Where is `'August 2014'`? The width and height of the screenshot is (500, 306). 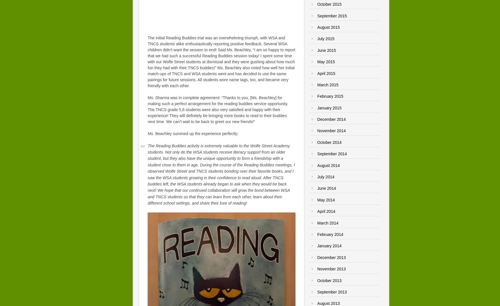
'August 2014' is located at coordinates (328, 165).